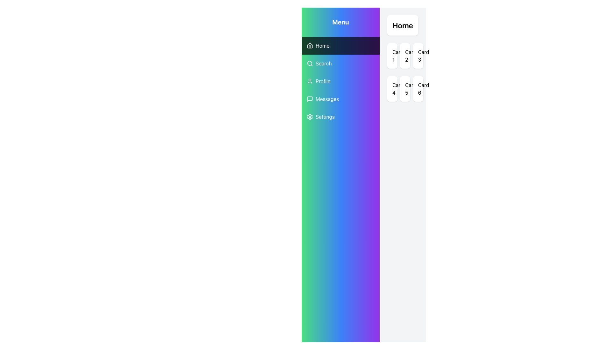  I want to click on the Home menu icon located in the sidebar menu, positioned to the left of the 'Home' text label, so click(310, 45).